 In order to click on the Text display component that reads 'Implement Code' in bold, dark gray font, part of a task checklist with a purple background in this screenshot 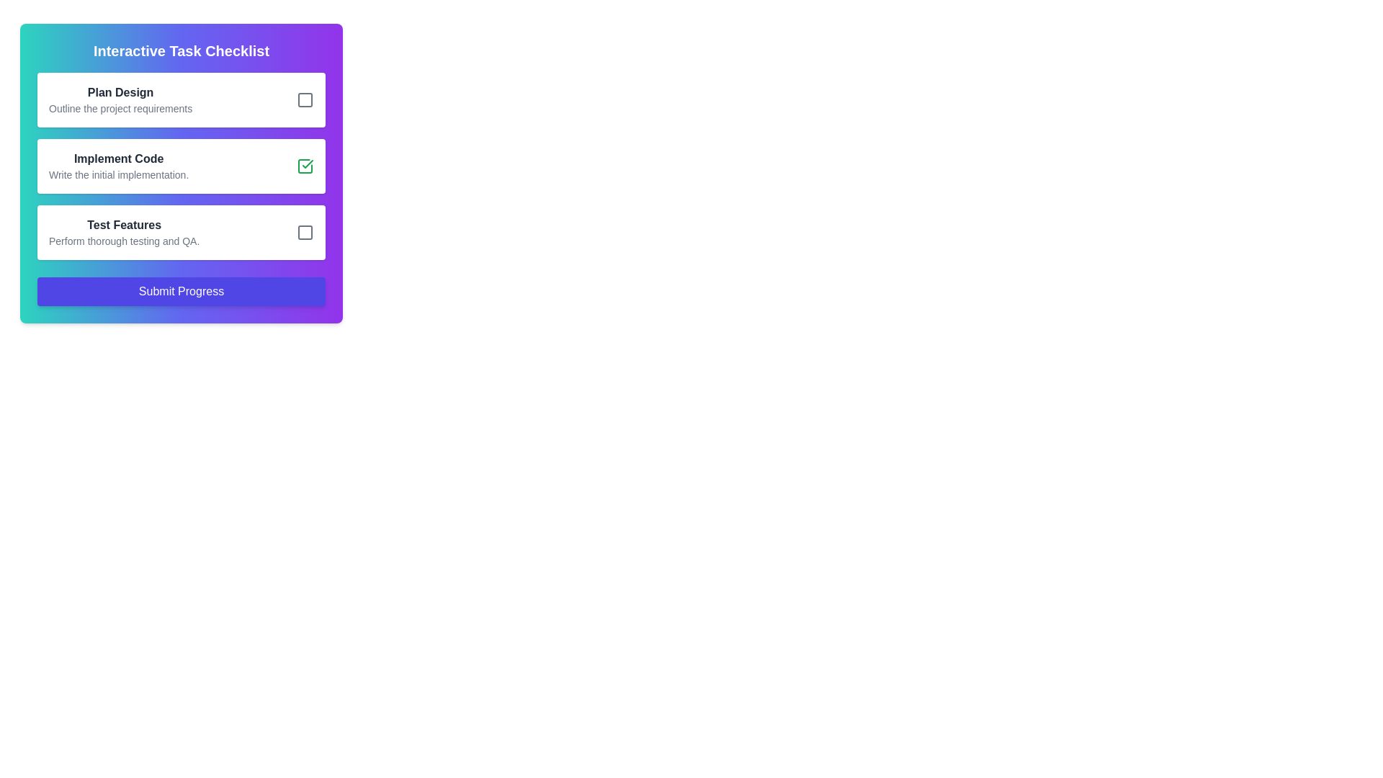, I will do `click(119, 166)`.